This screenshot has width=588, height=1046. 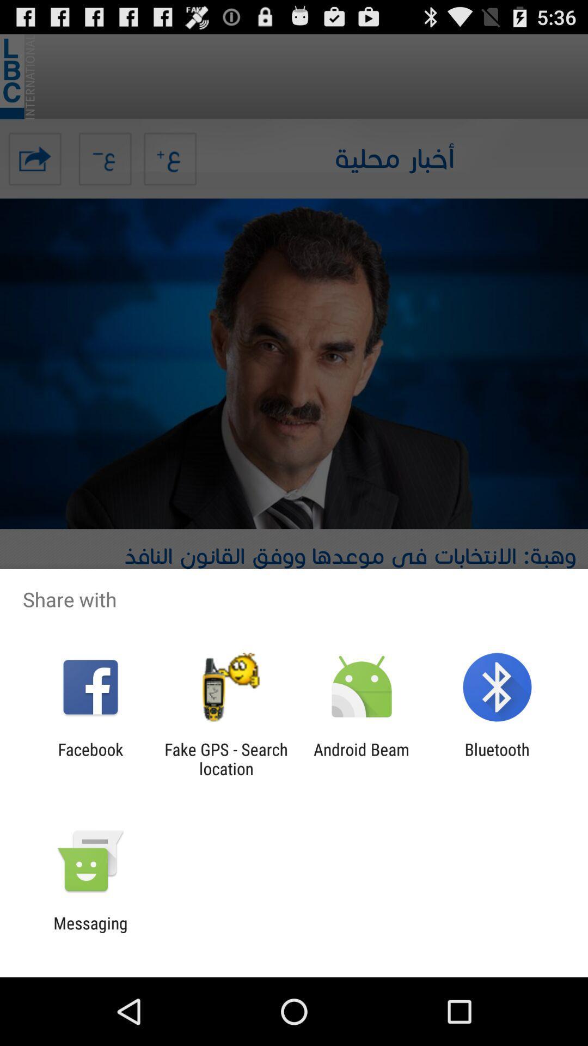 What do you see at coordinates (225, 758) in the screenshot?
I see `fake gps search icon` at bounding box center [225, 758].